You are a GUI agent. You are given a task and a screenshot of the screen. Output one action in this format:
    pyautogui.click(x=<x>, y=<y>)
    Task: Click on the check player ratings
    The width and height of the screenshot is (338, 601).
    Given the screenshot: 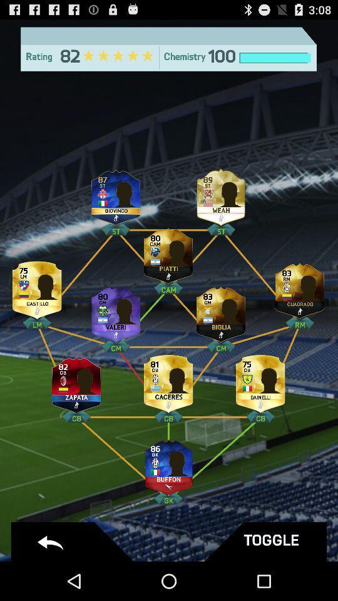 What is the action you would take?
    pyautogui.click(x=260, y=381)
    